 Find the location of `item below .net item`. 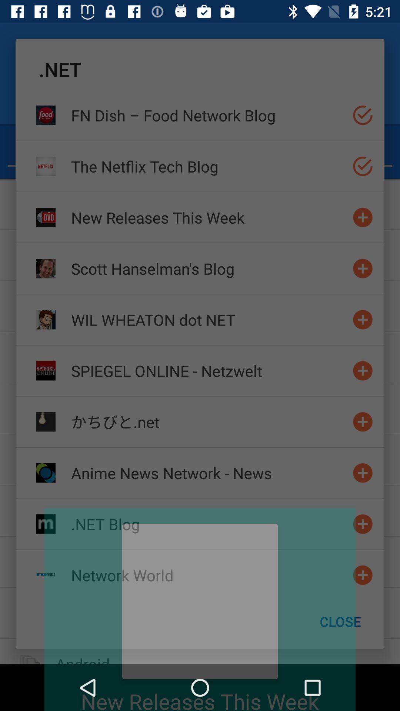

item below .net item is located at coordinates (209, 115).